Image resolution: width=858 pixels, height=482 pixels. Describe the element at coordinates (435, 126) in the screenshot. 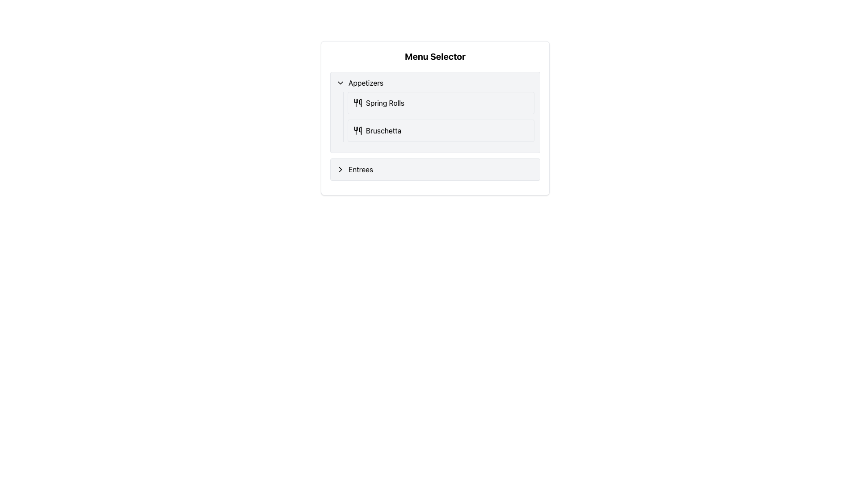

I see `the item in the categorized menu list for selecting appetizers, specifically located within the 'Menu Selector' card, under the 'Appetizers' section` at that location.